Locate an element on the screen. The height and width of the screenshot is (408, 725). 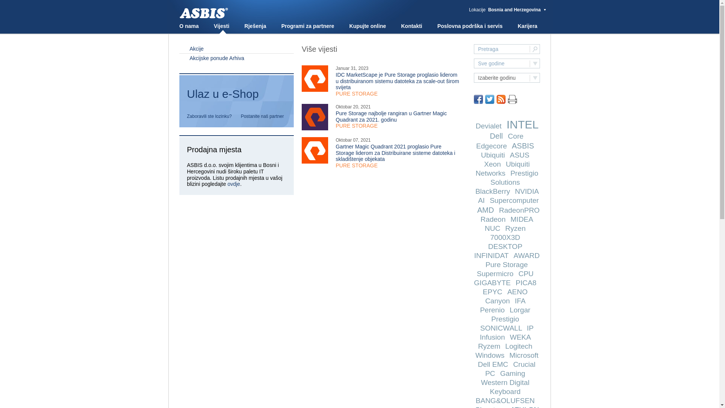
'DESKTOP' is located at coordinates (488, 246).